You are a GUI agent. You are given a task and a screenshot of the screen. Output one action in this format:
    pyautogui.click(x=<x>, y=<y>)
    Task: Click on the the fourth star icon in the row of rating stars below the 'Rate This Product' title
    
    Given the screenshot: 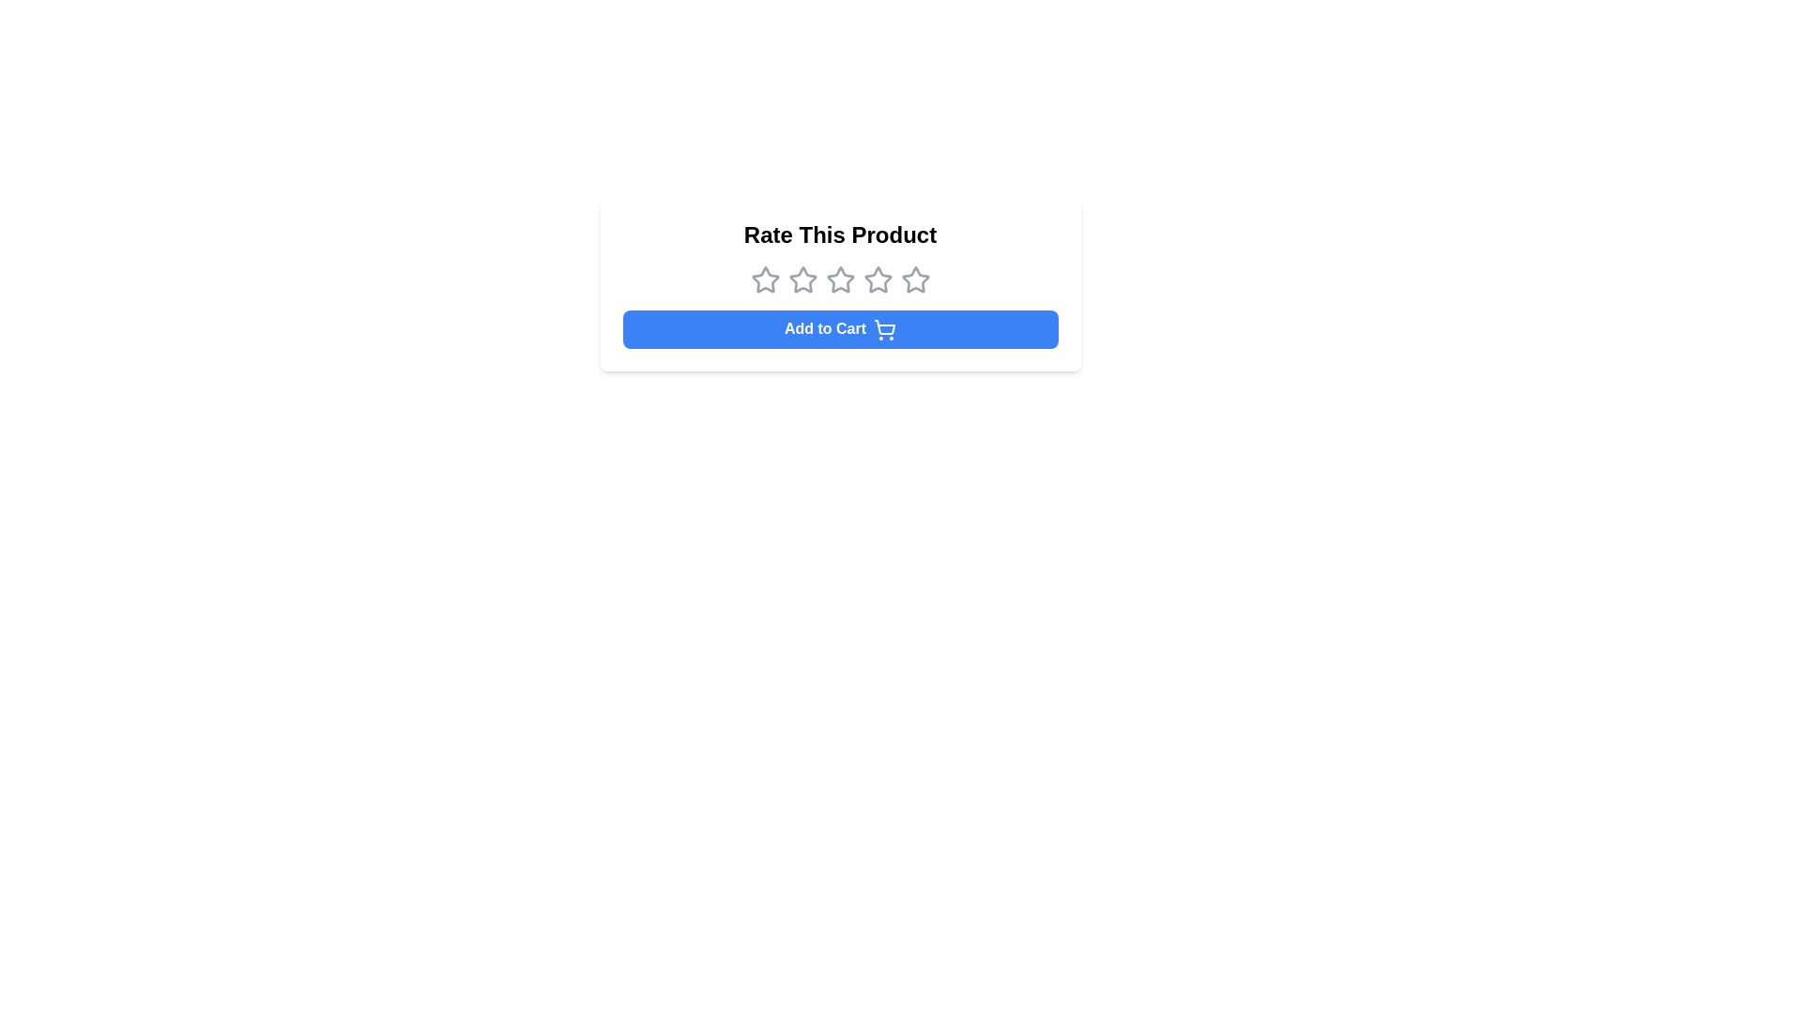 What is the action you would take?
    pyautogui.click(x=877, y=280)
    